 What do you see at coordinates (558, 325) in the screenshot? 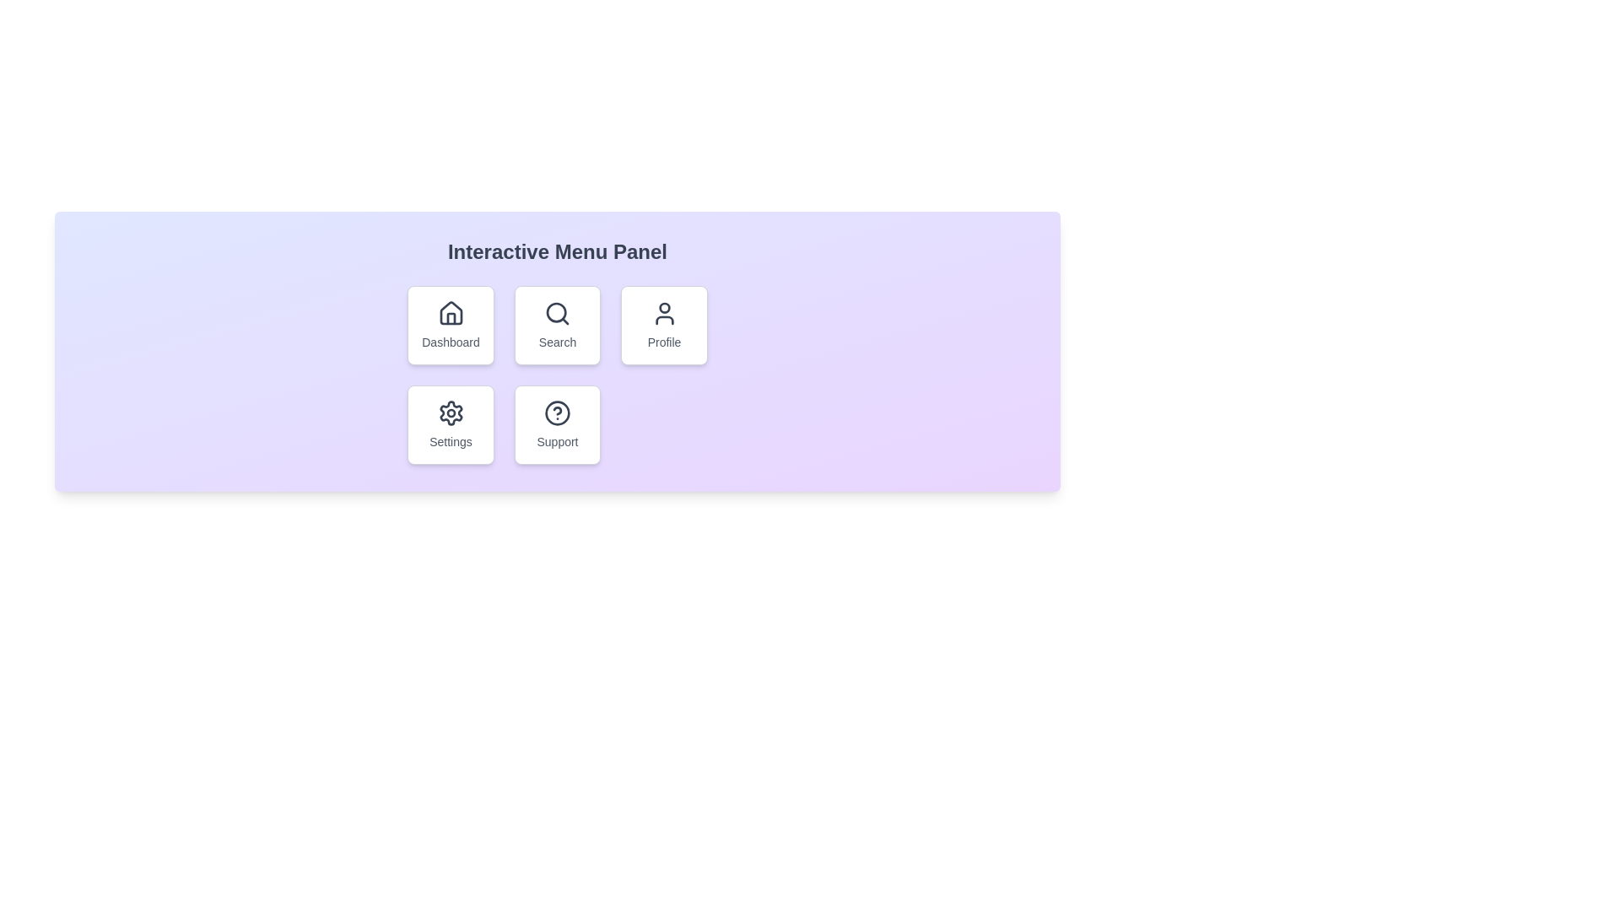
I see `the square-shaped 'Search' button with a white background and a magnifying glass icon located in the top row, middle position of the 'Interactive Menu Panel'` at bounding box center [558, 325].